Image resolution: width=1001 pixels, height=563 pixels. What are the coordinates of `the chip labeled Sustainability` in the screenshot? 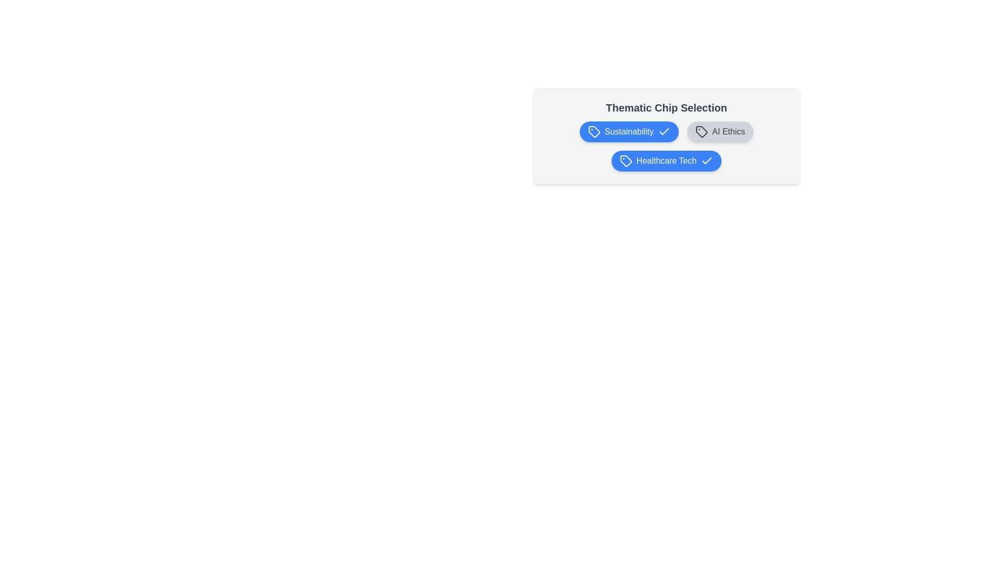 It's located at (628, 131).